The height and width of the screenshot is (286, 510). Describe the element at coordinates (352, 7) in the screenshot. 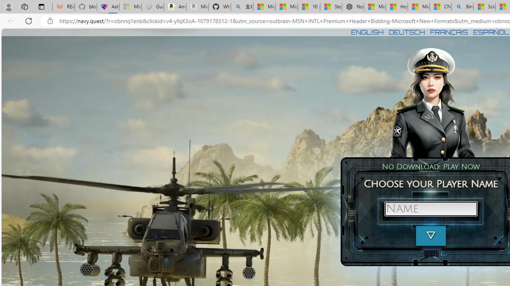

I see `'Nordace - Nordace Siena Is Not An Ordinary Backpack'` at that location.